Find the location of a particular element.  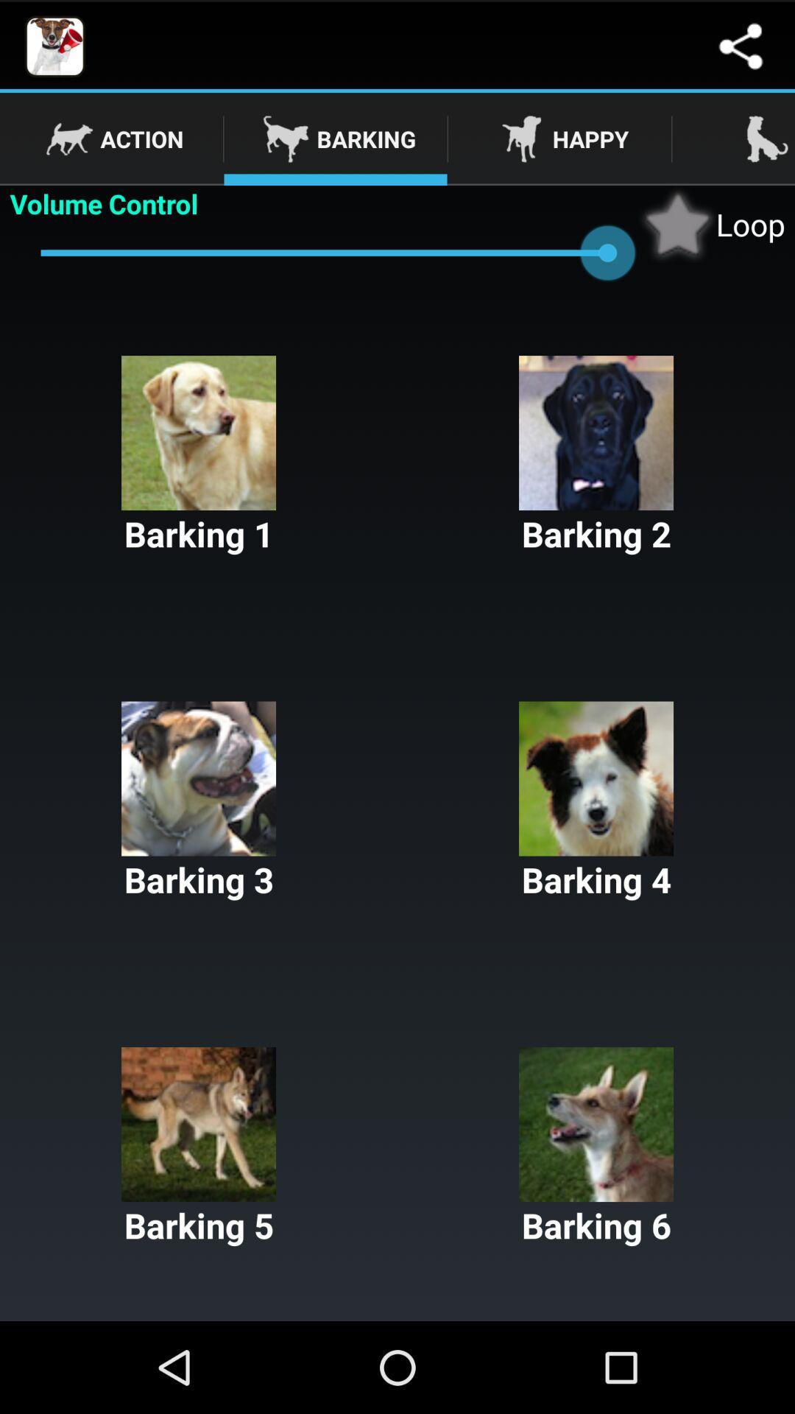

the icon next to barking 6 button is located at coordinates (199, 1147).